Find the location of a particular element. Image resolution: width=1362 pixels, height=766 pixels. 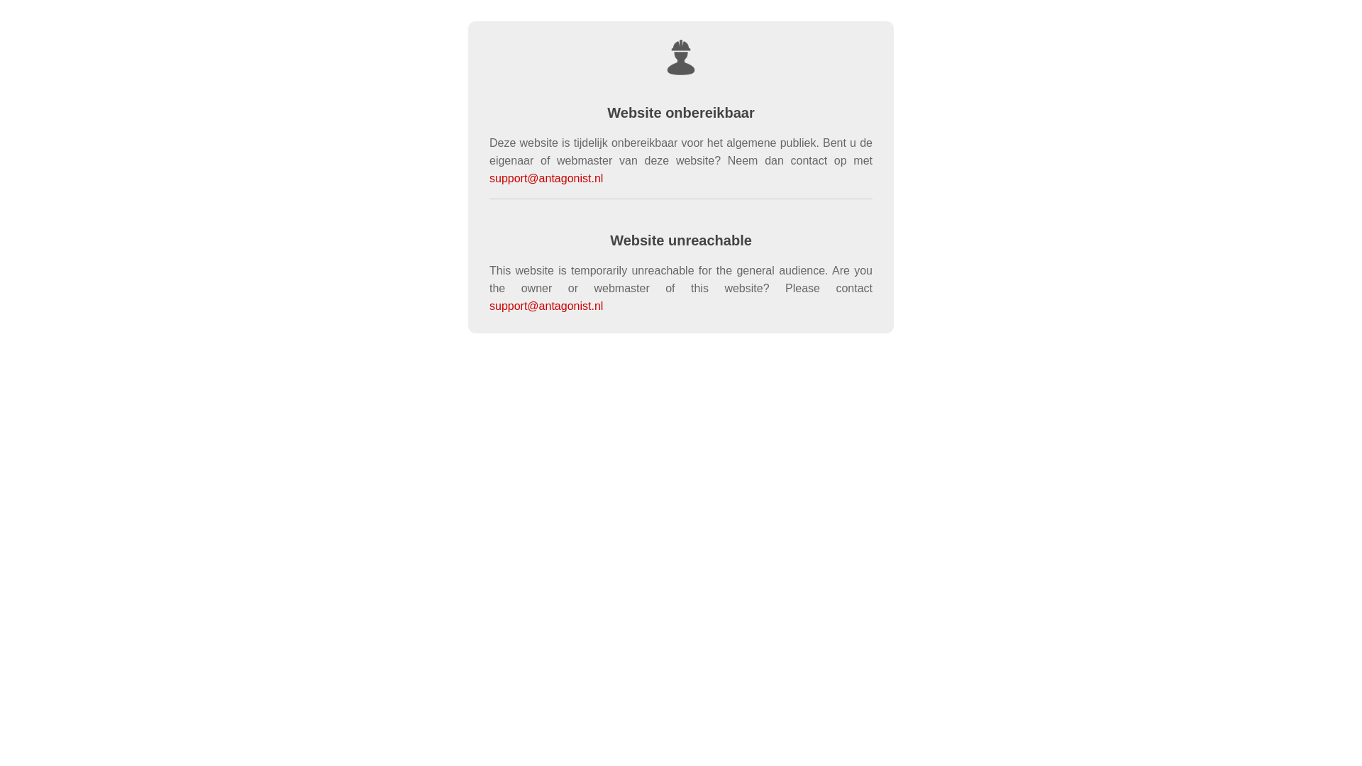

'support@antagonist.nl' is located at coordinates (489, 177).